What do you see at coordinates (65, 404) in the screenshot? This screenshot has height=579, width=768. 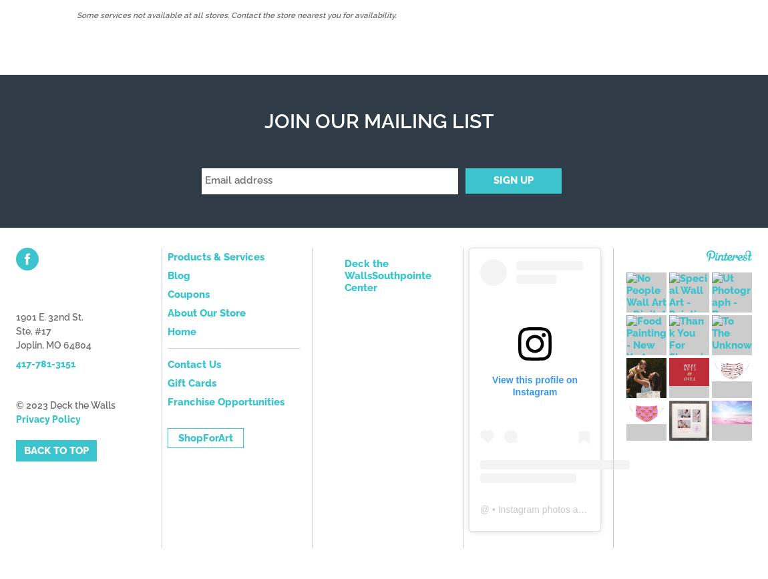 I see `'© 2023 Deck the Walls'` at bounding box center [65, 404].